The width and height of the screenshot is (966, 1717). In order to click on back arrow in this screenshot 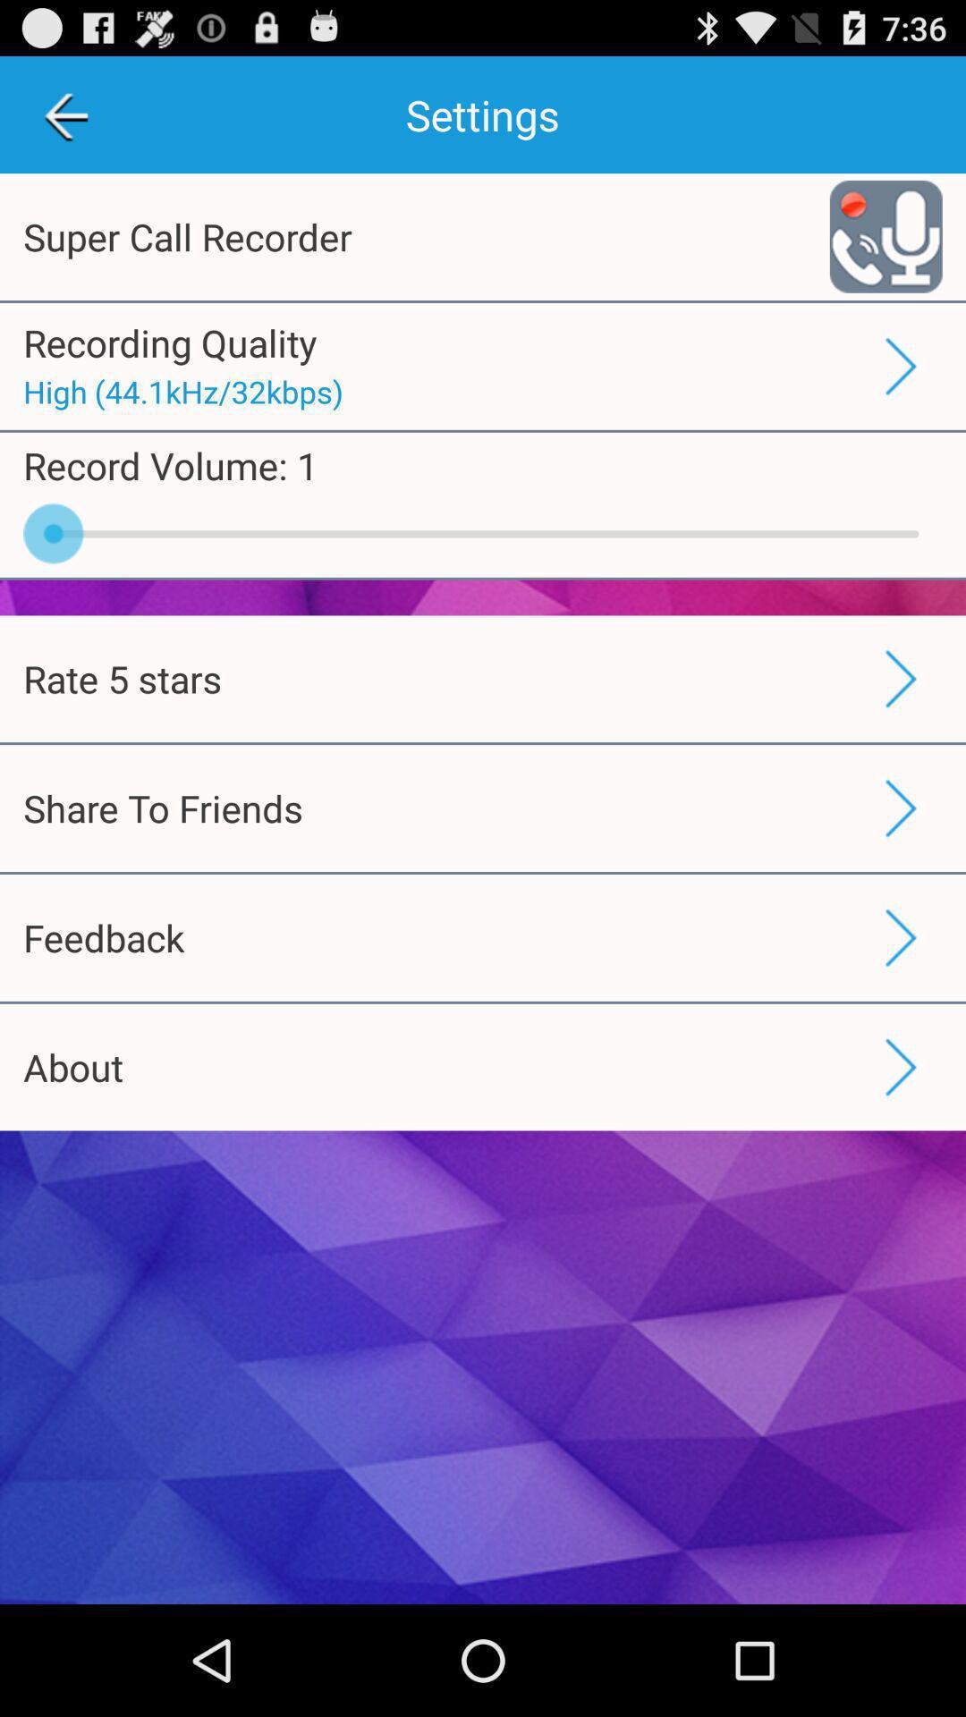, I will do `click(64, 114)`.